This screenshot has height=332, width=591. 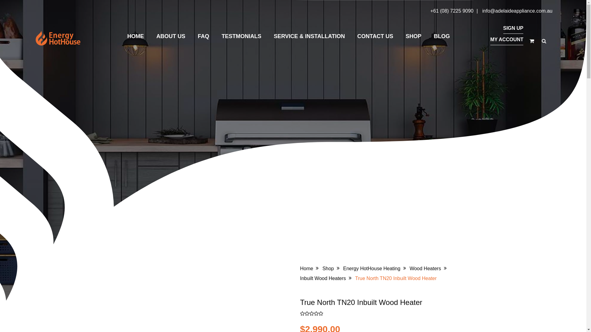 What do you see at coordinates (323, 278) in the screenshot?
I see `'Inbuilt Wood Heaters'` at bounding box center [323, 278].